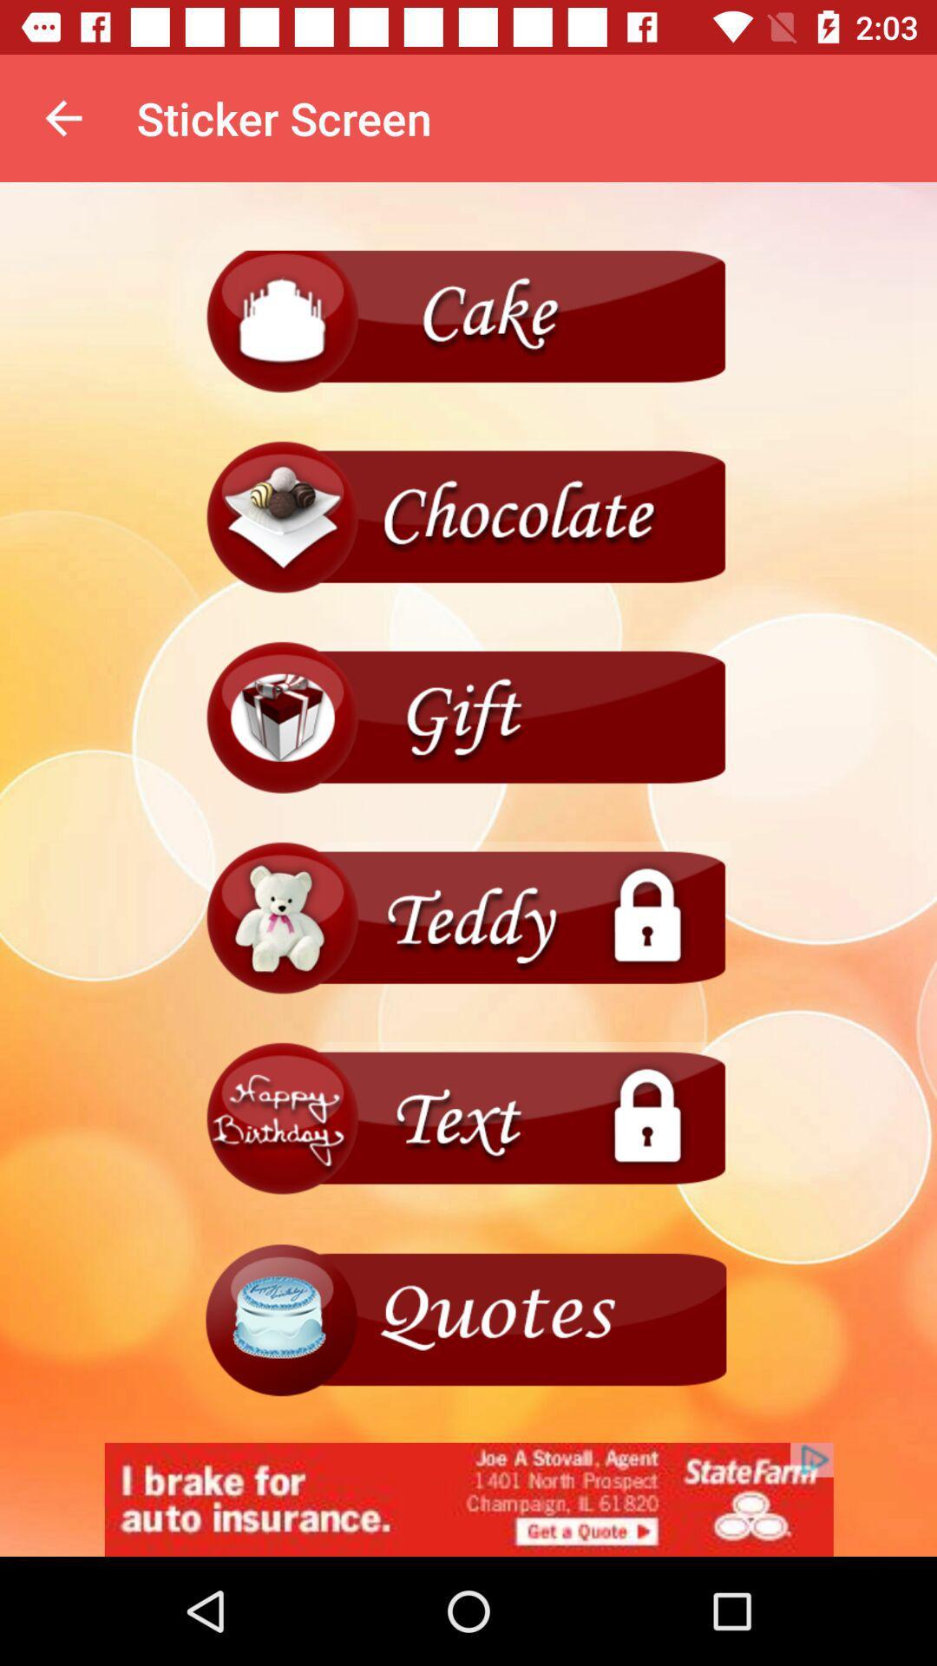  I want to click on text tab in the sticker section, so click(468, 1119).